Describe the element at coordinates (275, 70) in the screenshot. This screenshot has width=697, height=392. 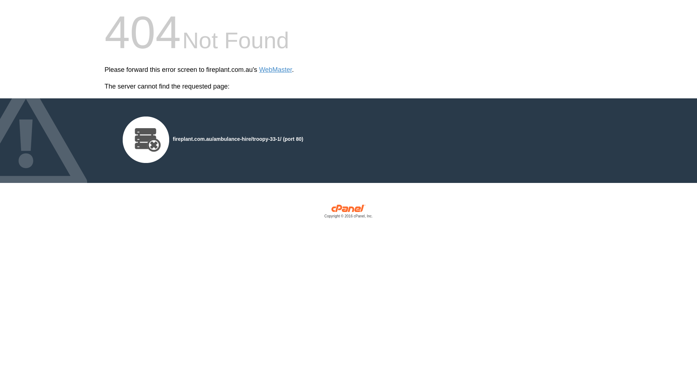
I see `'WebMaster'` at that location.